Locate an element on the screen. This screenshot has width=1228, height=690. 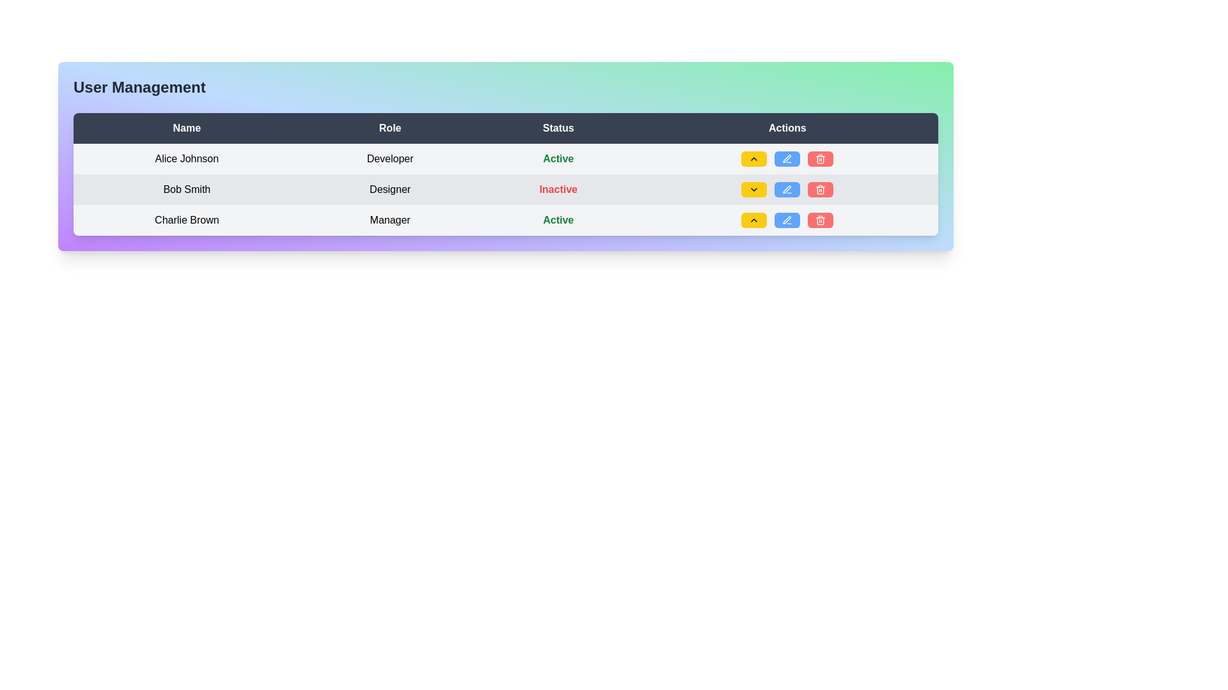
the button that triggers actions for the row item 'Charlie Brown' in the table UI, located in the 'Actions' column, to make it accessible is located at coordinates (754, 219).